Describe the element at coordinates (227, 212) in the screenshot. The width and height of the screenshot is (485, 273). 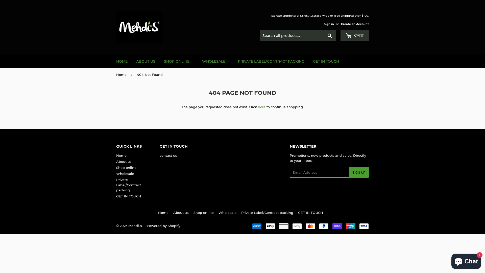
I see `'Wholesale'` at that location.